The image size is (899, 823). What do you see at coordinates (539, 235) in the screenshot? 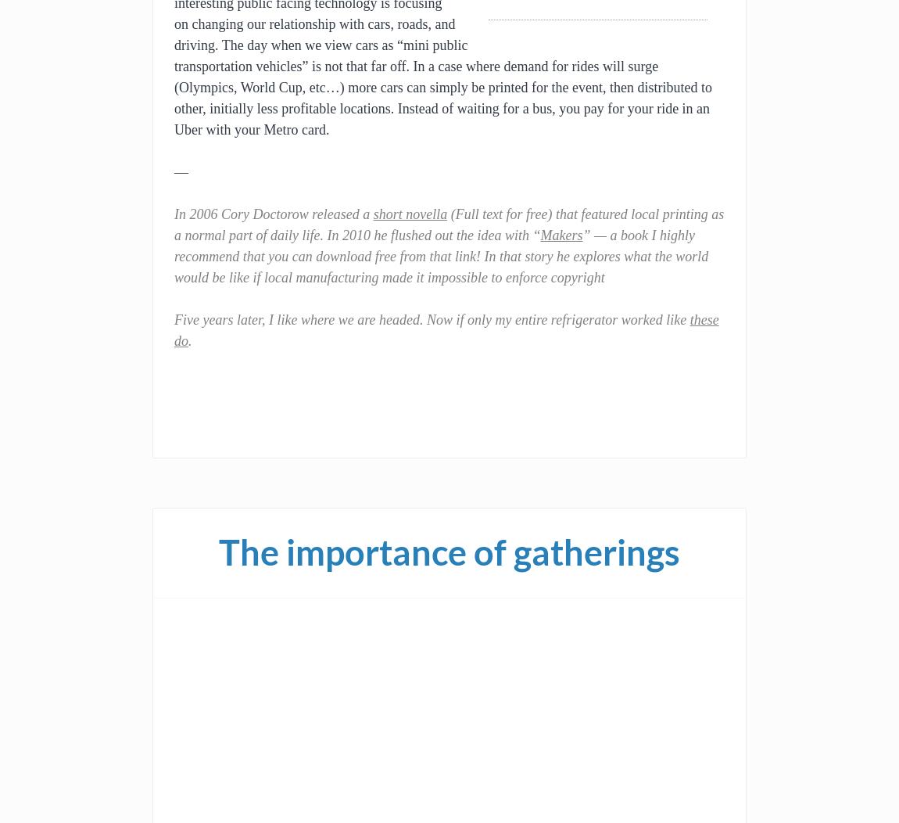
I see `'Makers'` at bounding box center [539, 235].